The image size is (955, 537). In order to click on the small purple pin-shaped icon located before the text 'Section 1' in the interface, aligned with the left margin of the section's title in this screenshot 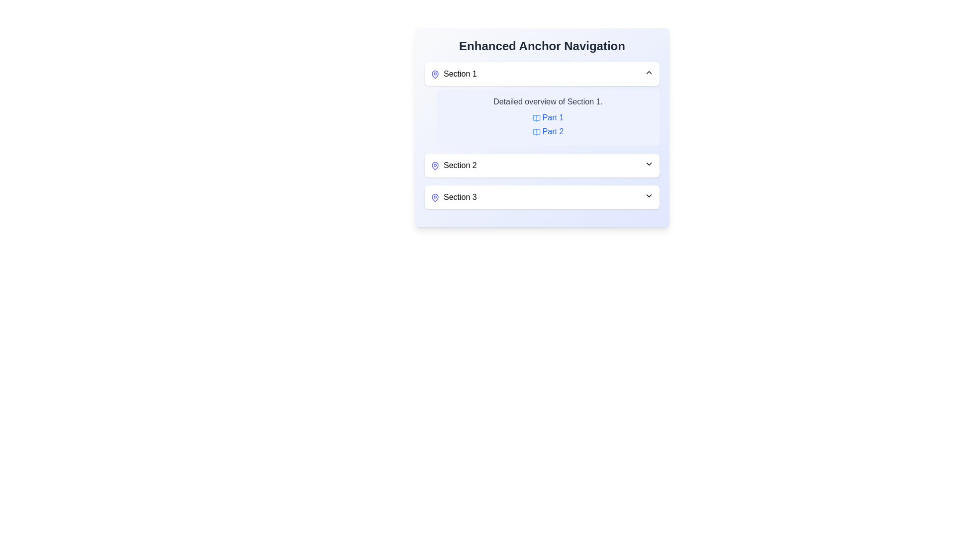, I will do `click(435, 74)`.